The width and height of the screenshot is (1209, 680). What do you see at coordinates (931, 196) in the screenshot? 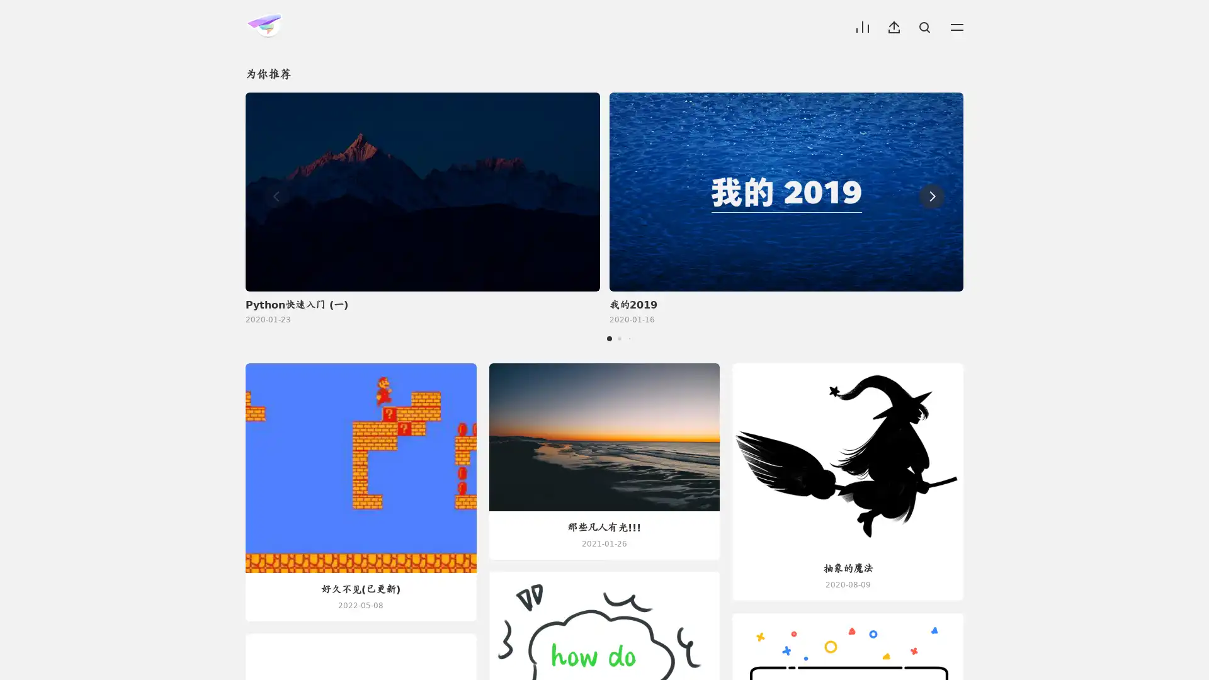
I see `Next slide` at bounding box center [931, 196].